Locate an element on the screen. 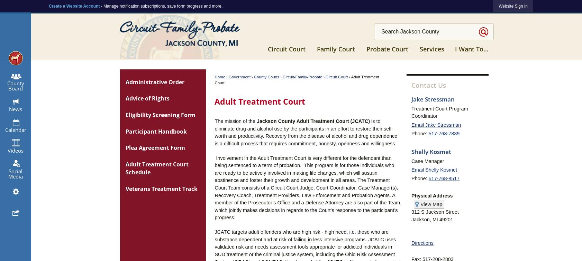  'Adult Treatment Court Schedule' is located at coordinates (156, 168).